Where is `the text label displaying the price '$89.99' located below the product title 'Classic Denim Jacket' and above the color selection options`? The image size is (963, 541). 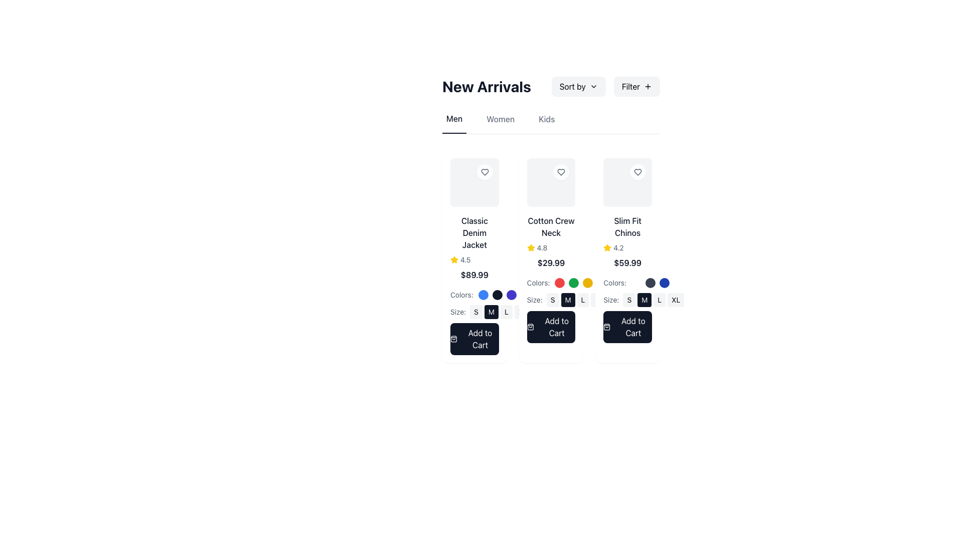 the text label displaying the price '$89.99' located below the product title 'Classic Denim Jacket' and above the color selection options is located at coordinates (474, 275).